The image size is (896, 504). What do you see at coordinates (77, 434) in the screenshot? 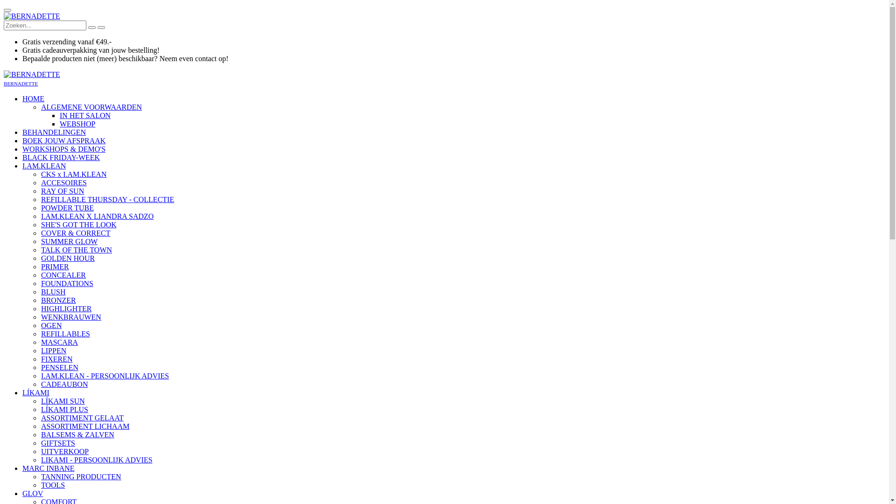
I see `'BALSEMS & ZALVEN'` at bounding box center [77, 434].